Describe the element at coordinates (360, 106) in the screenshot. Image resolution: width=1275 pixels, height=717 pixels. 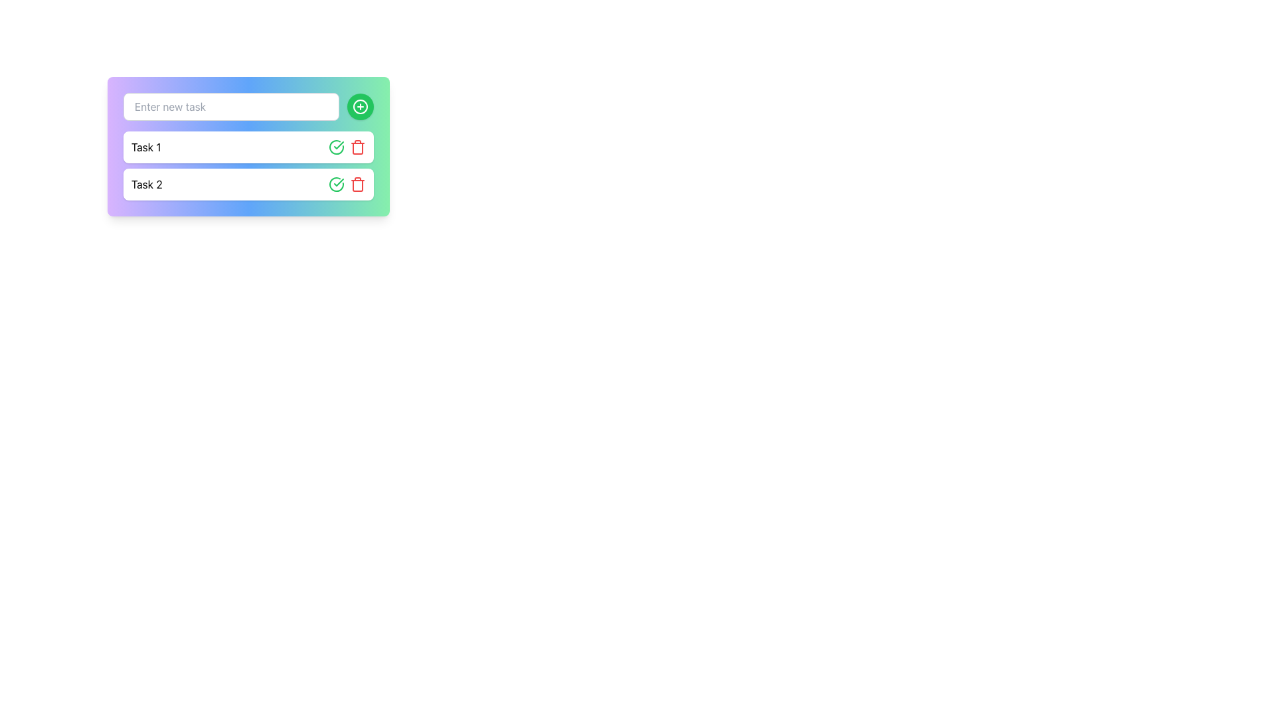
I see `the action button located in the upper right corner of the colored rectangle` at that location.